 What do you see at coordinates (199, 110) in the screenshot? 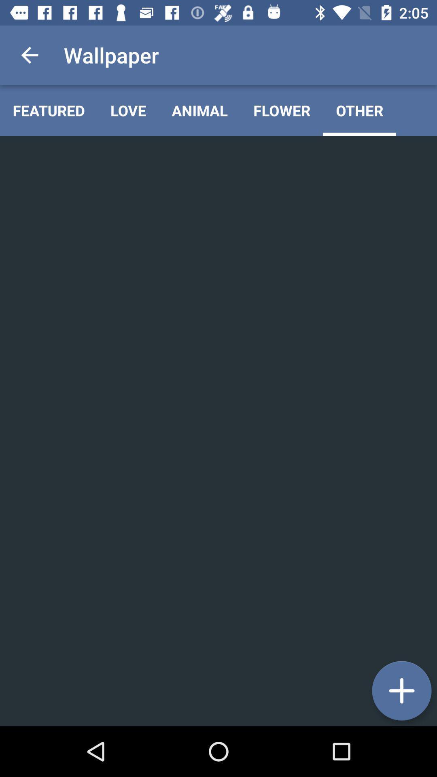
I see `the animal item` at bounding box center [199, 110].